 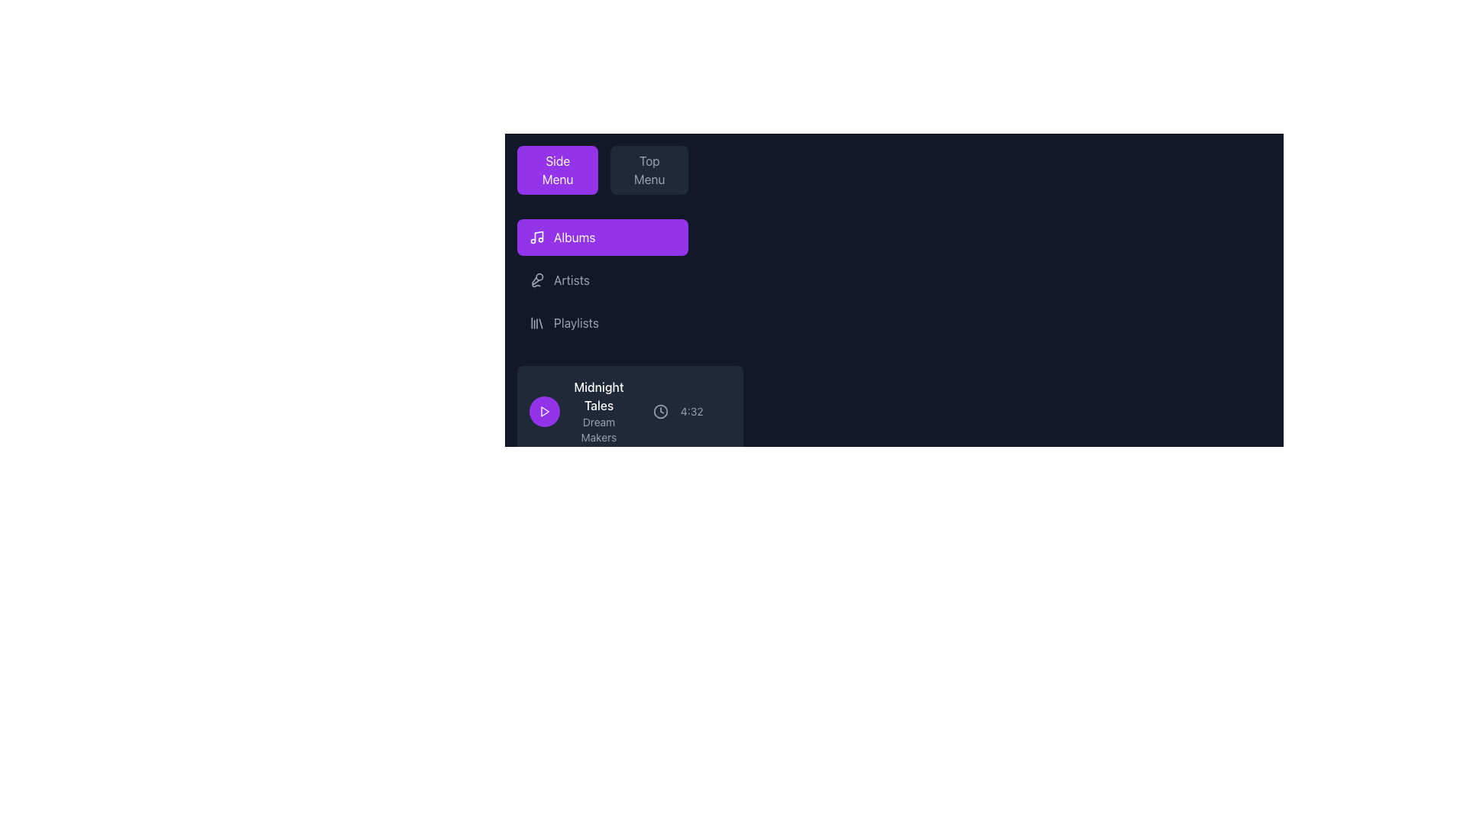 What do you see at coordinates (630, 411) in the screenshot?
I see `the first list item containing the play button for interactive media titled 'Midnight Tales'` at bounding box center [630, 411].